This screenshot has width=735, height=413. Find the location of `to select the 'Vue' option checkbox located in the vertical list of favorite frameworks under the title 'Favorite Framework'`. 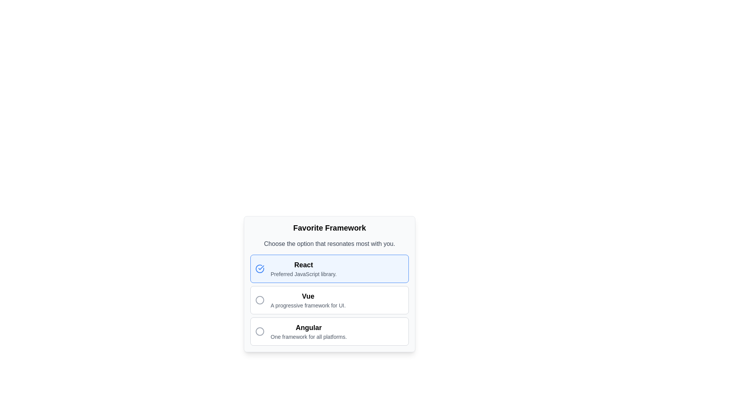

to select the 'Vue' option checkbox located in the vertical list of favorite frameworks under the title 'Favorite Framework' is located at coordinates (329, 300).